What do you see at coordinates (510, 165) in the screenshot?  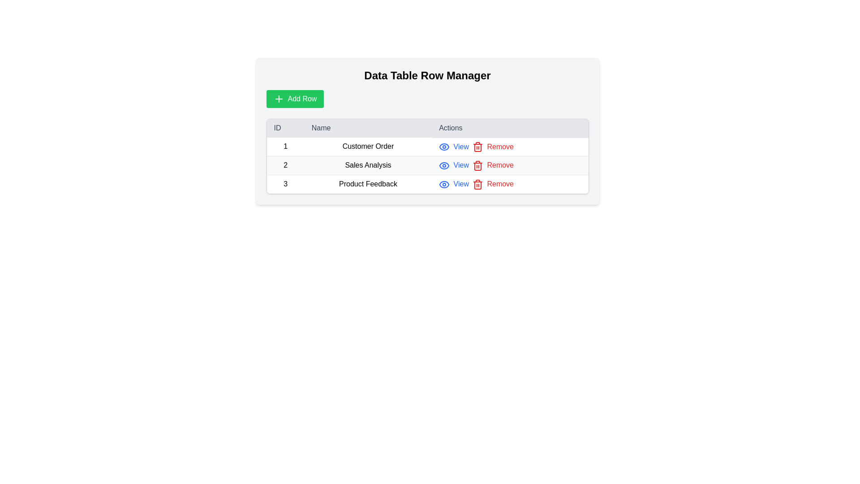 I see `the 'Remove' link in the Actions column of the table row labeled '2 Sales Analysis'` at bounding box center [510, 165].